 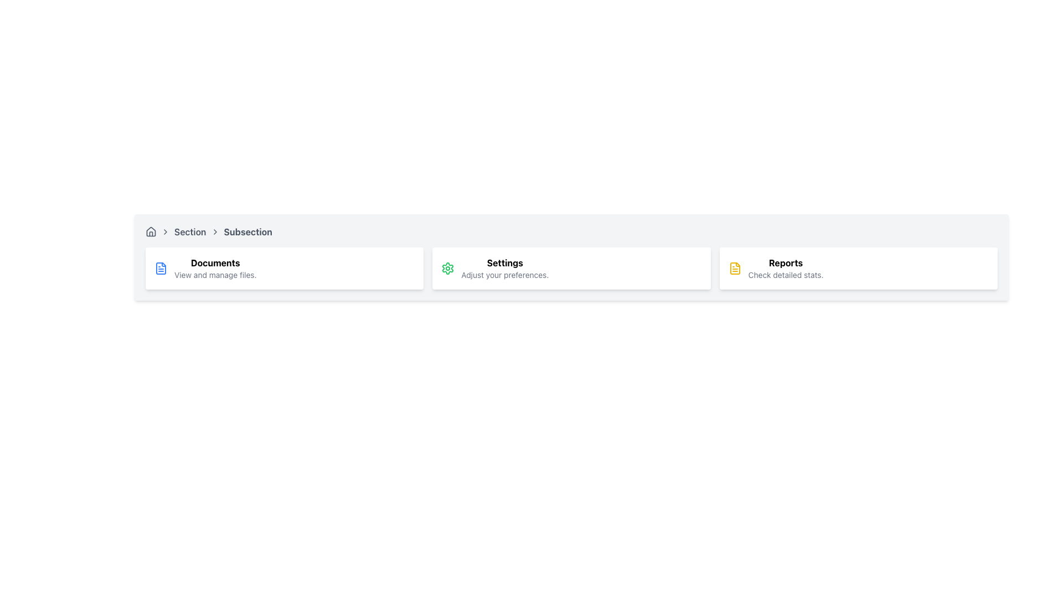 What do you see at coordinates (735, 269) in the screenshot?
I see `the 'Reports' icon located at the left end of the 'Reports' section in the rightmost card under the 'Subsection'` at bounding box center [735, 269].